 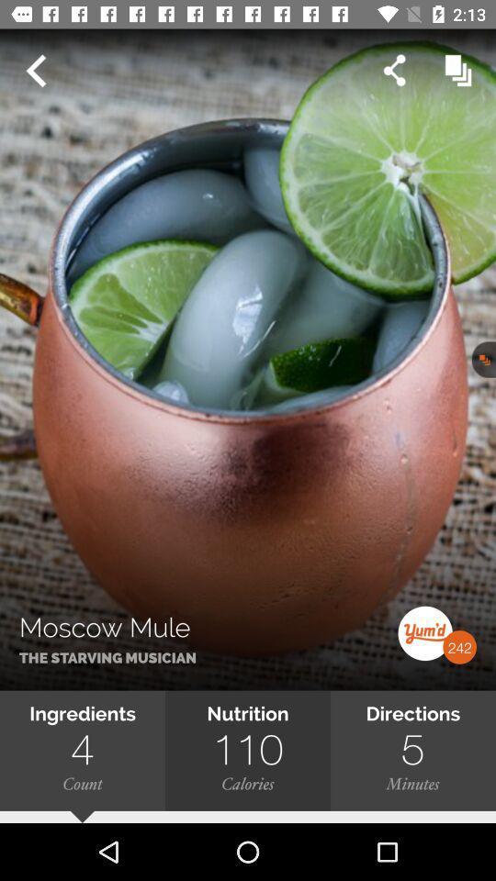 What do you see at coordinates (35, 71) in the screenshot?
I see `the arrow_backward icon` at bounding box center [35, 71].